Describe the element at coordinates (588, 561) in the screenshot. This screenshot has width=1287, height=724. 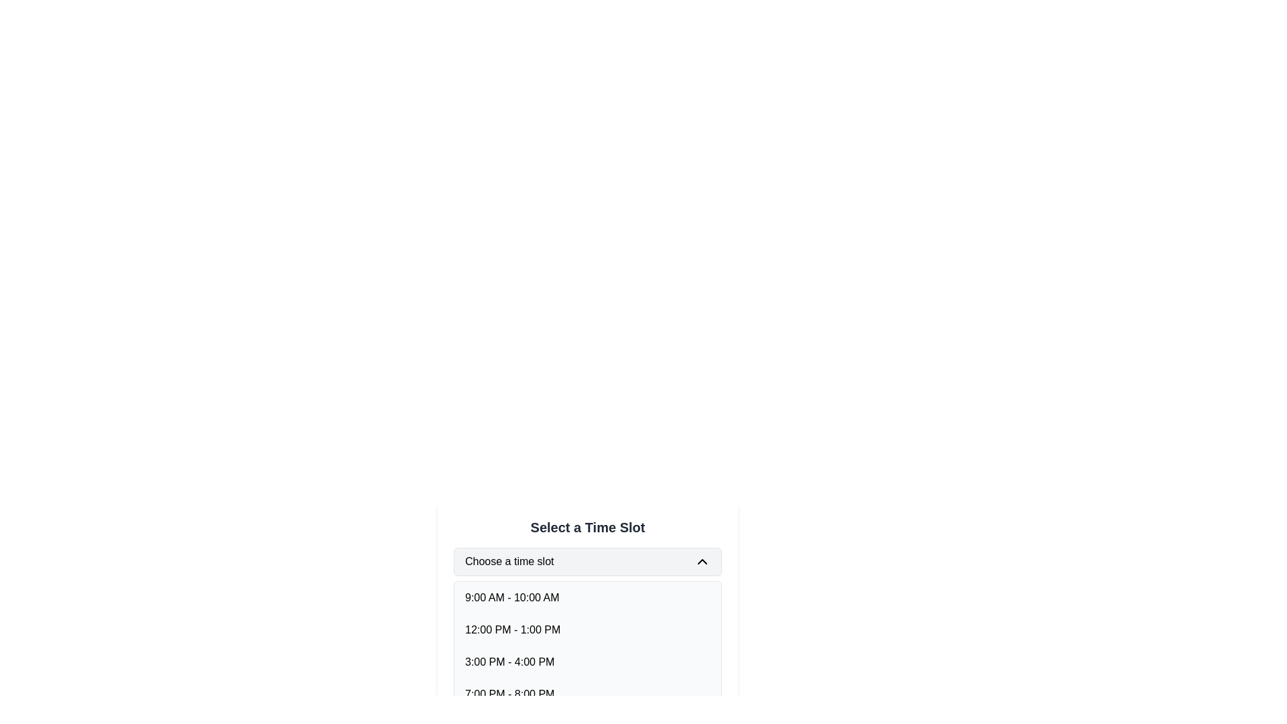
I see `the Dropdown menu for keyboard navigation` at that location.